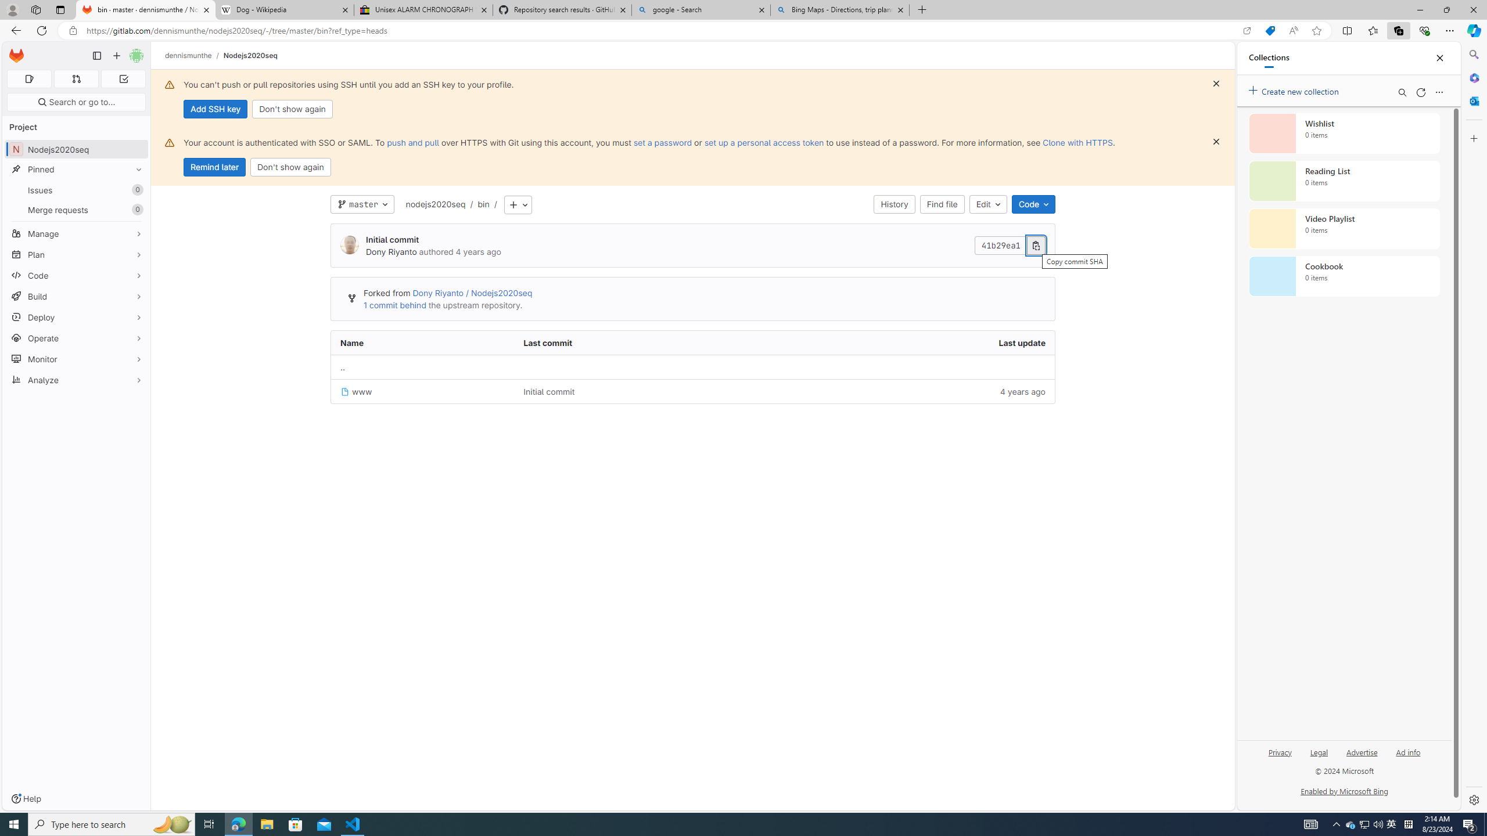 Image resolution: width=1487 pixels, height=836 pixels. I want to click on 'Monitor', so click(76, 358).